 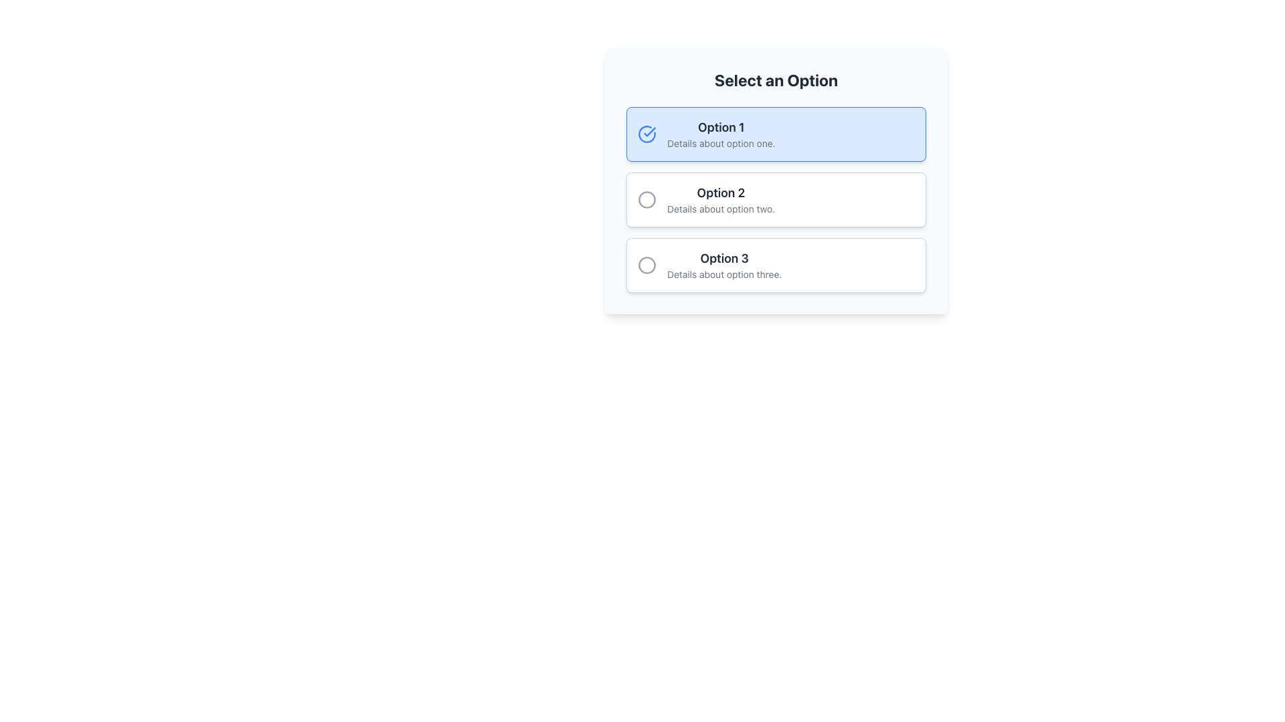 I want to click on the text component displaying 'Option 3', which is bold and dark gray, positioned below 'Option 2' and above the descriptive text for option three, so click(x=723, y=258).